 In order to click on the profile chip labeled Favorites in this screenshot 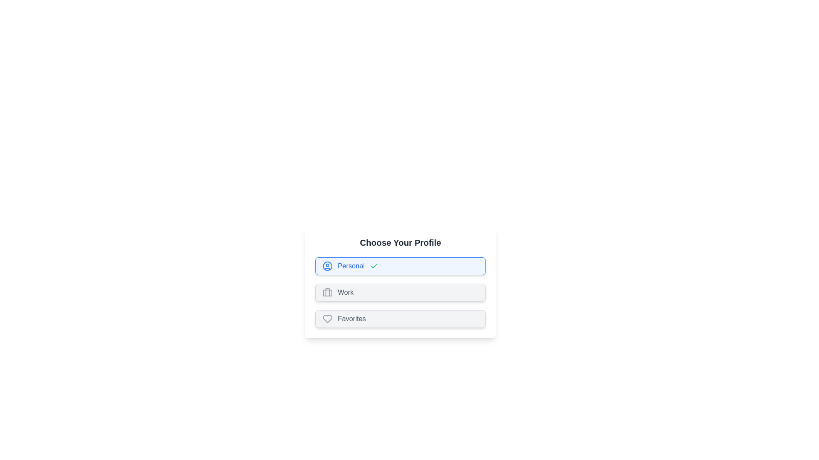, I will do `click(400, 319)`.